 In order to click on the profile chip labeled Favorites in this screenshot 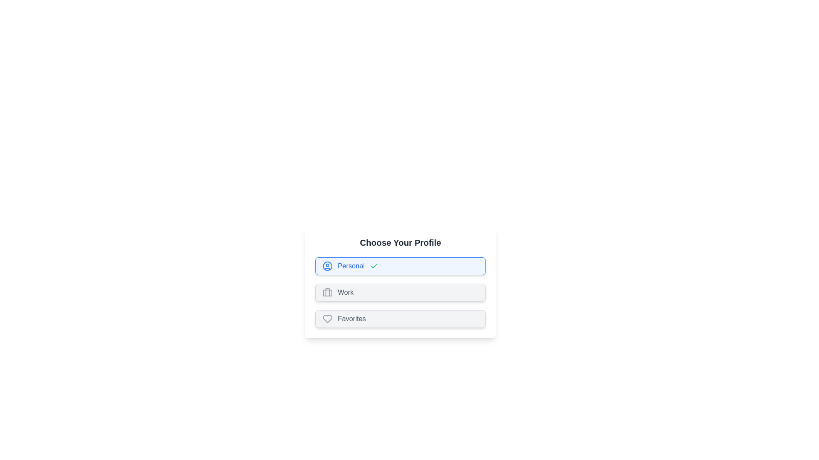, I will do `click(400, 319)`.